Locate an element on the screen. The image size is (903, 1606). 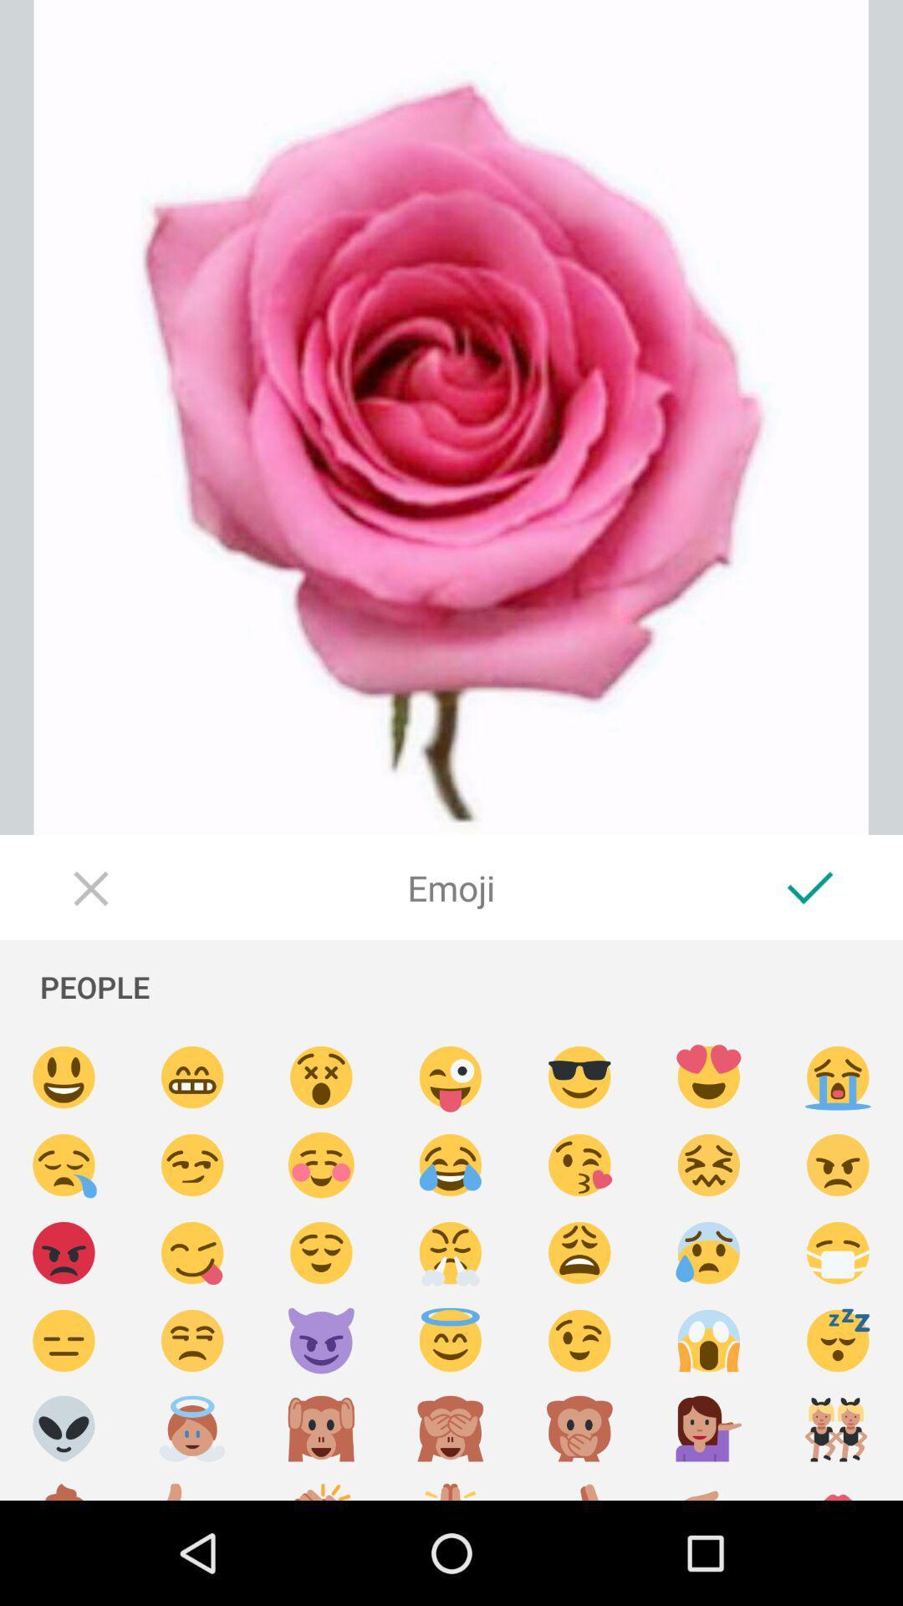
insert crying-laughing emoji is located at coordinates (450, 1164).